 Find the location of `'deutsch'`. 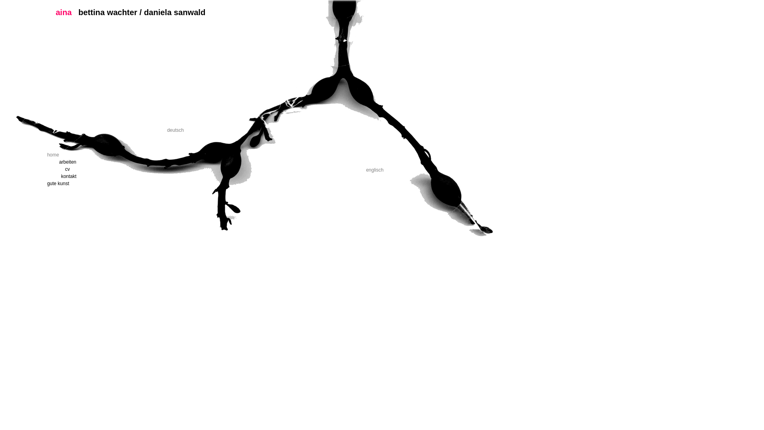

'deutsch' is located at coordinates (175, 130).